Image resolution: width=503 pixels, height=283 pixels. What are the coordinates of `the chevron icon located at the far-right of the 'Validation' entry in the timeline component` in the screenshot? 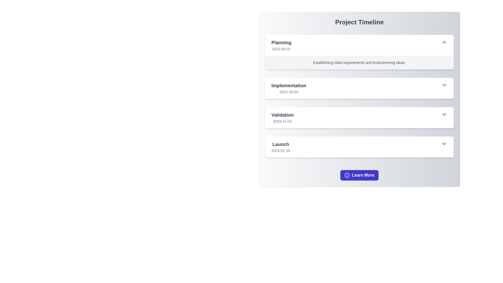 It's located at (444, 114).